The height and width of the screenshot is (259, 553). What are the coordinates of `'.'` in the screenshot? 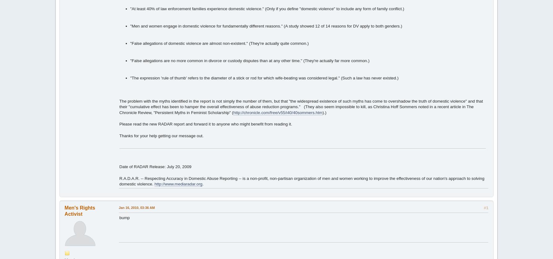 It's located at (202, 184).